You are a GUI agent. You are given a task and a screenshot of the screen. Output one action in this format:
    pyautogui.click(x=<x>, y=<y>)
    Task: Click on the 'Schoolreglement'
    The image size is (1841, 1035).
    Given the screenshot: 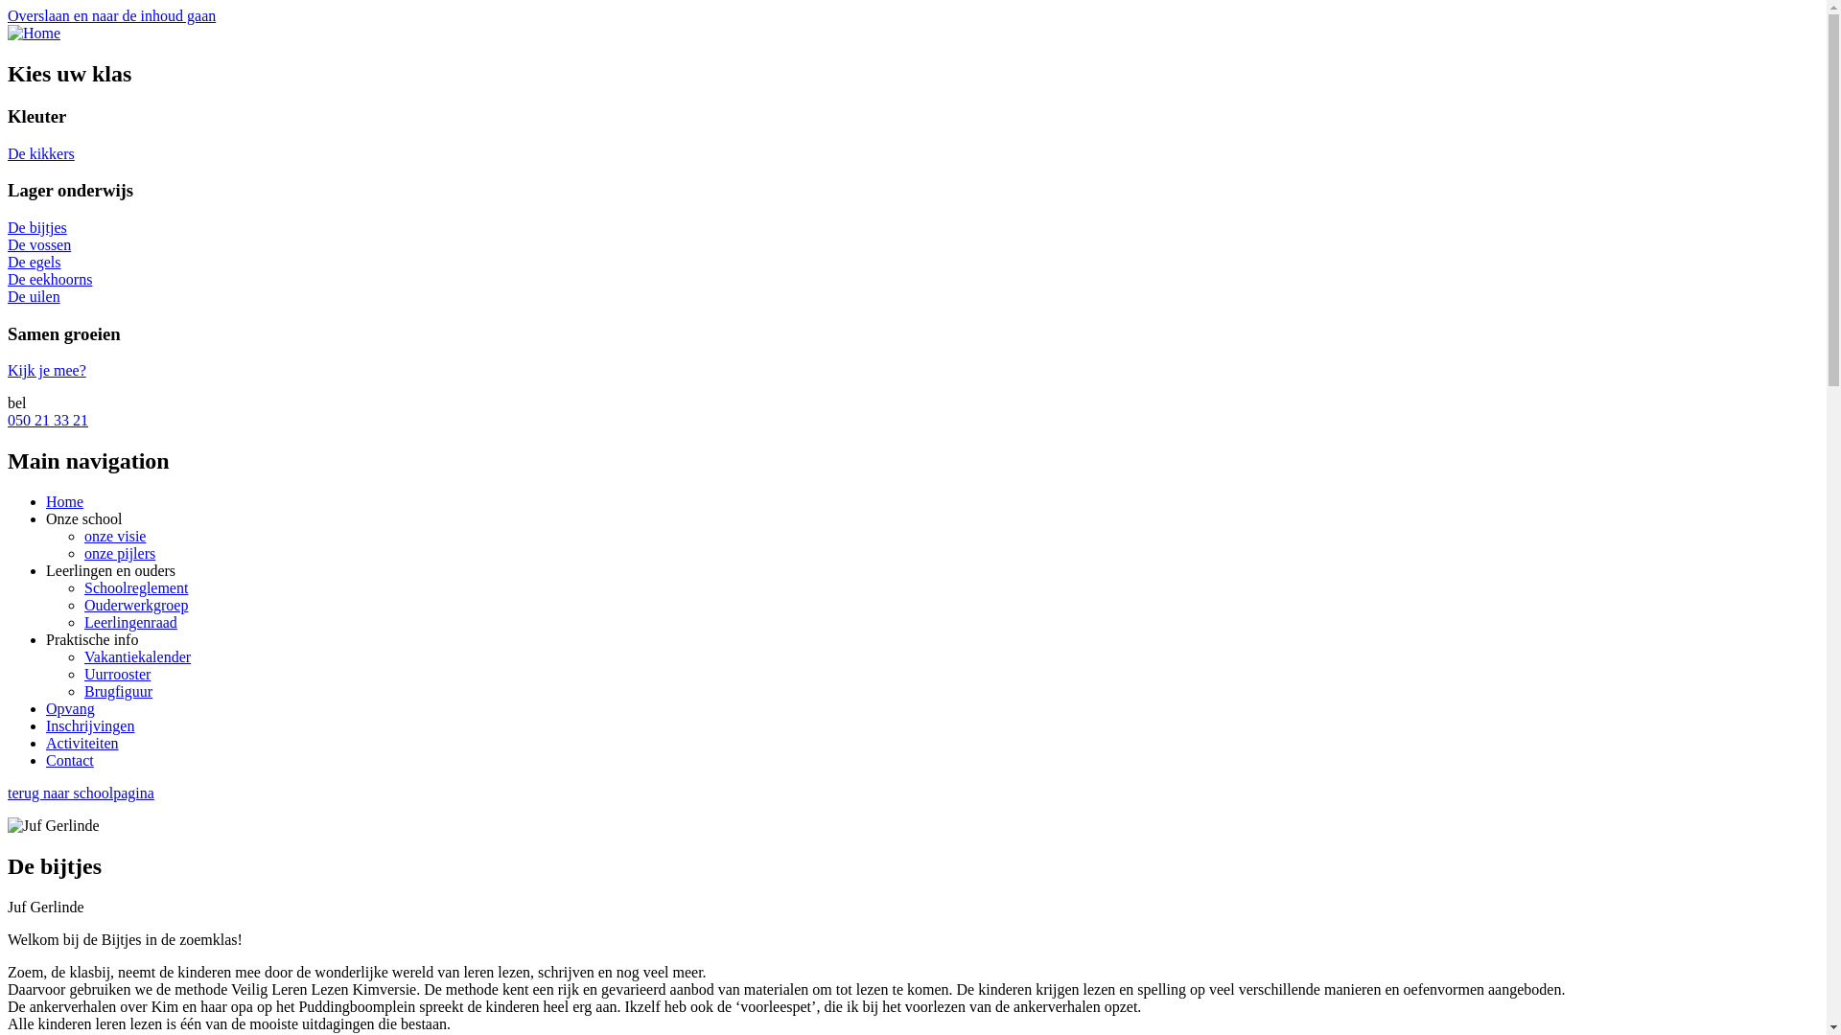 What is the action you would take?
    pyautogui.click(x=135, y=586)
    